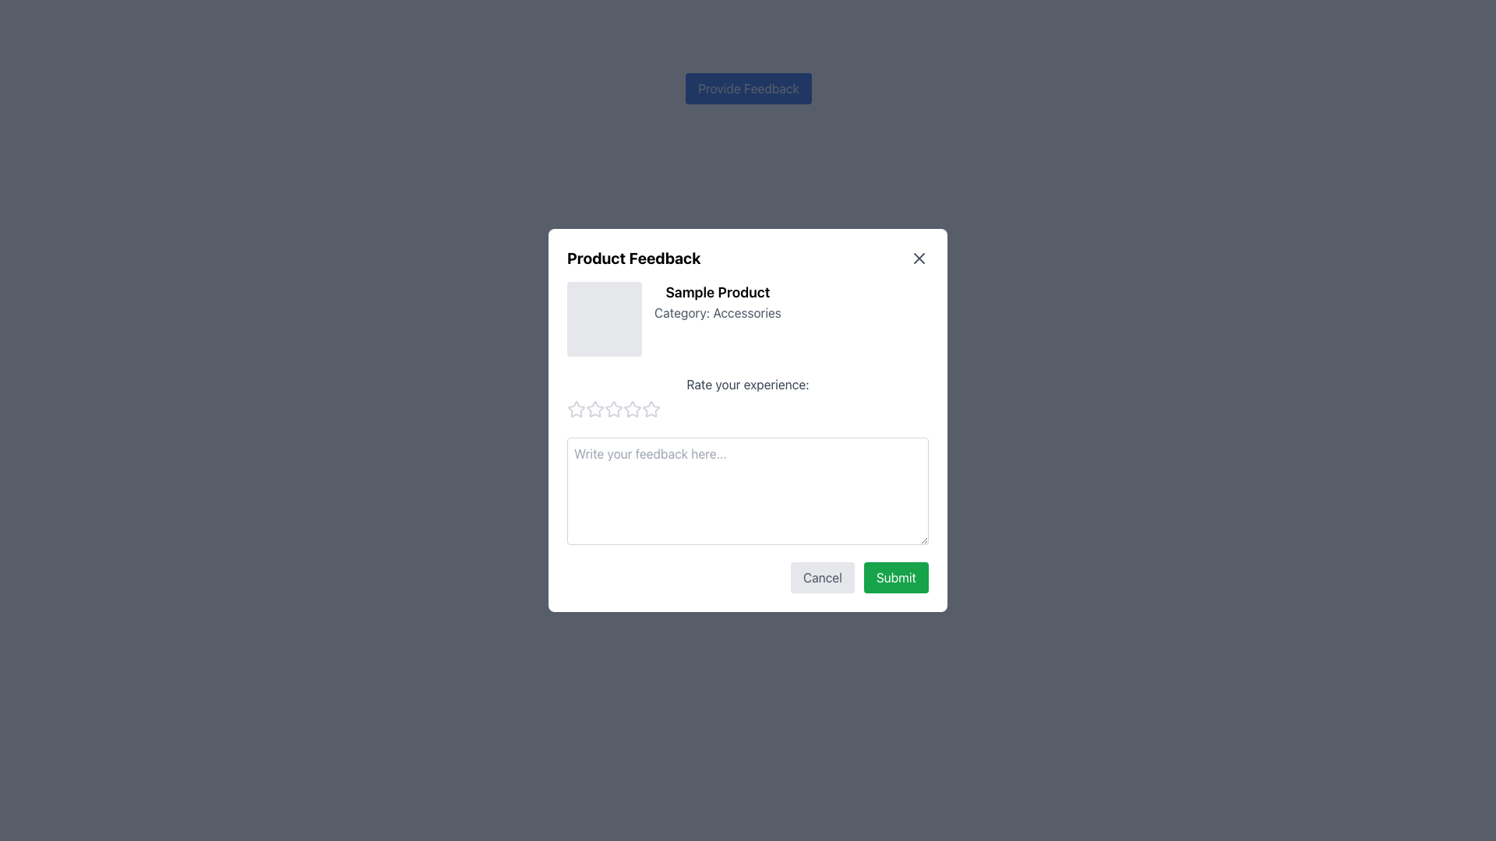 This screenshot has width=1496, height=841. Describe the element at coordinates (575, 408) in the screenshot. I see `the leftmost star-shaped icon to rate your experience, which is part of a row of interactive rating stars beneath the 'Rate your experience' label` at that location.